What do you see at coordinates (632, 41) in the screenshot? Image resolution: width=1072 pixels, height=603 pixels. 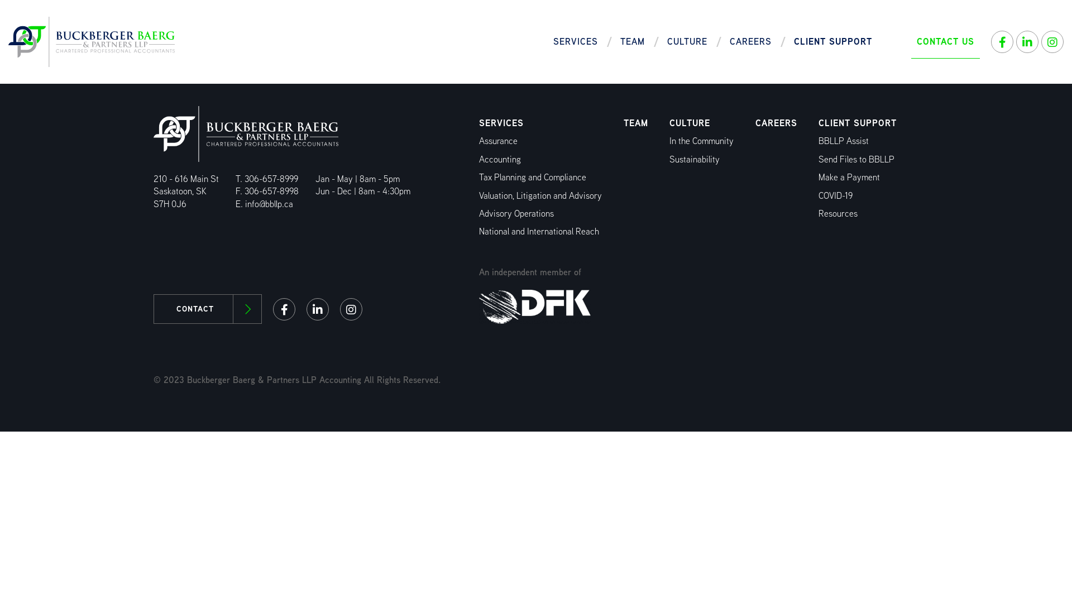 I see `'TEAM'` at bounding box center [632, 41].